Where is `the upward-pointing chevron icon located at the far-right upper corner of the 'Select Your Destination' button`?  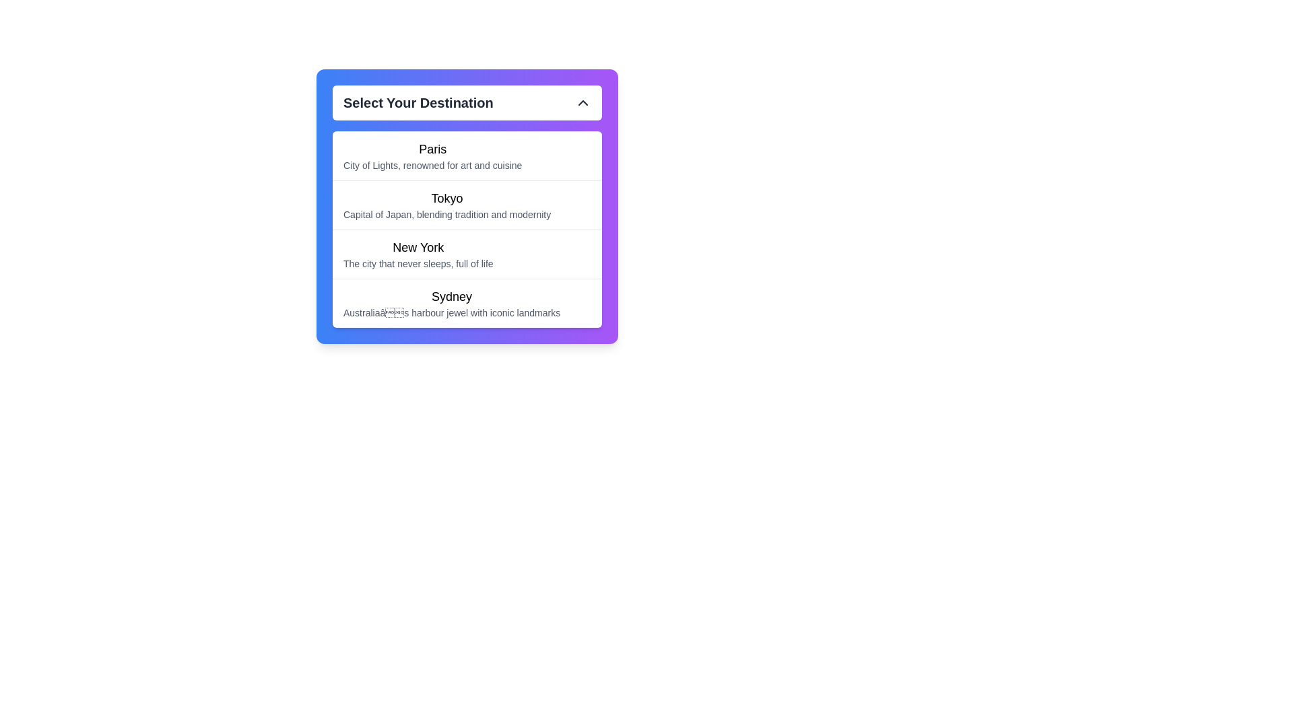
the upward-pointing chevron icon located at the far-right upper corner of the 'Select Your Destination' button is located at coordinates (583, 102).